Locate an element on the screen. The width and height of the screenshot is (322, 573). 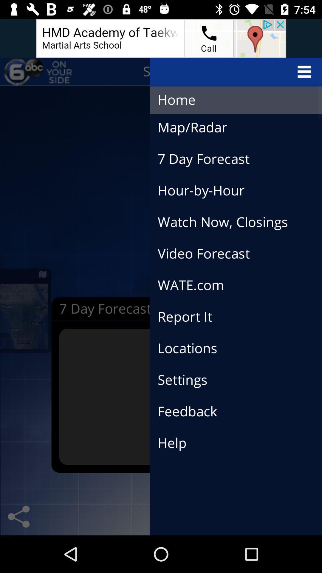
the share icon is located at coordinates (18, 516).